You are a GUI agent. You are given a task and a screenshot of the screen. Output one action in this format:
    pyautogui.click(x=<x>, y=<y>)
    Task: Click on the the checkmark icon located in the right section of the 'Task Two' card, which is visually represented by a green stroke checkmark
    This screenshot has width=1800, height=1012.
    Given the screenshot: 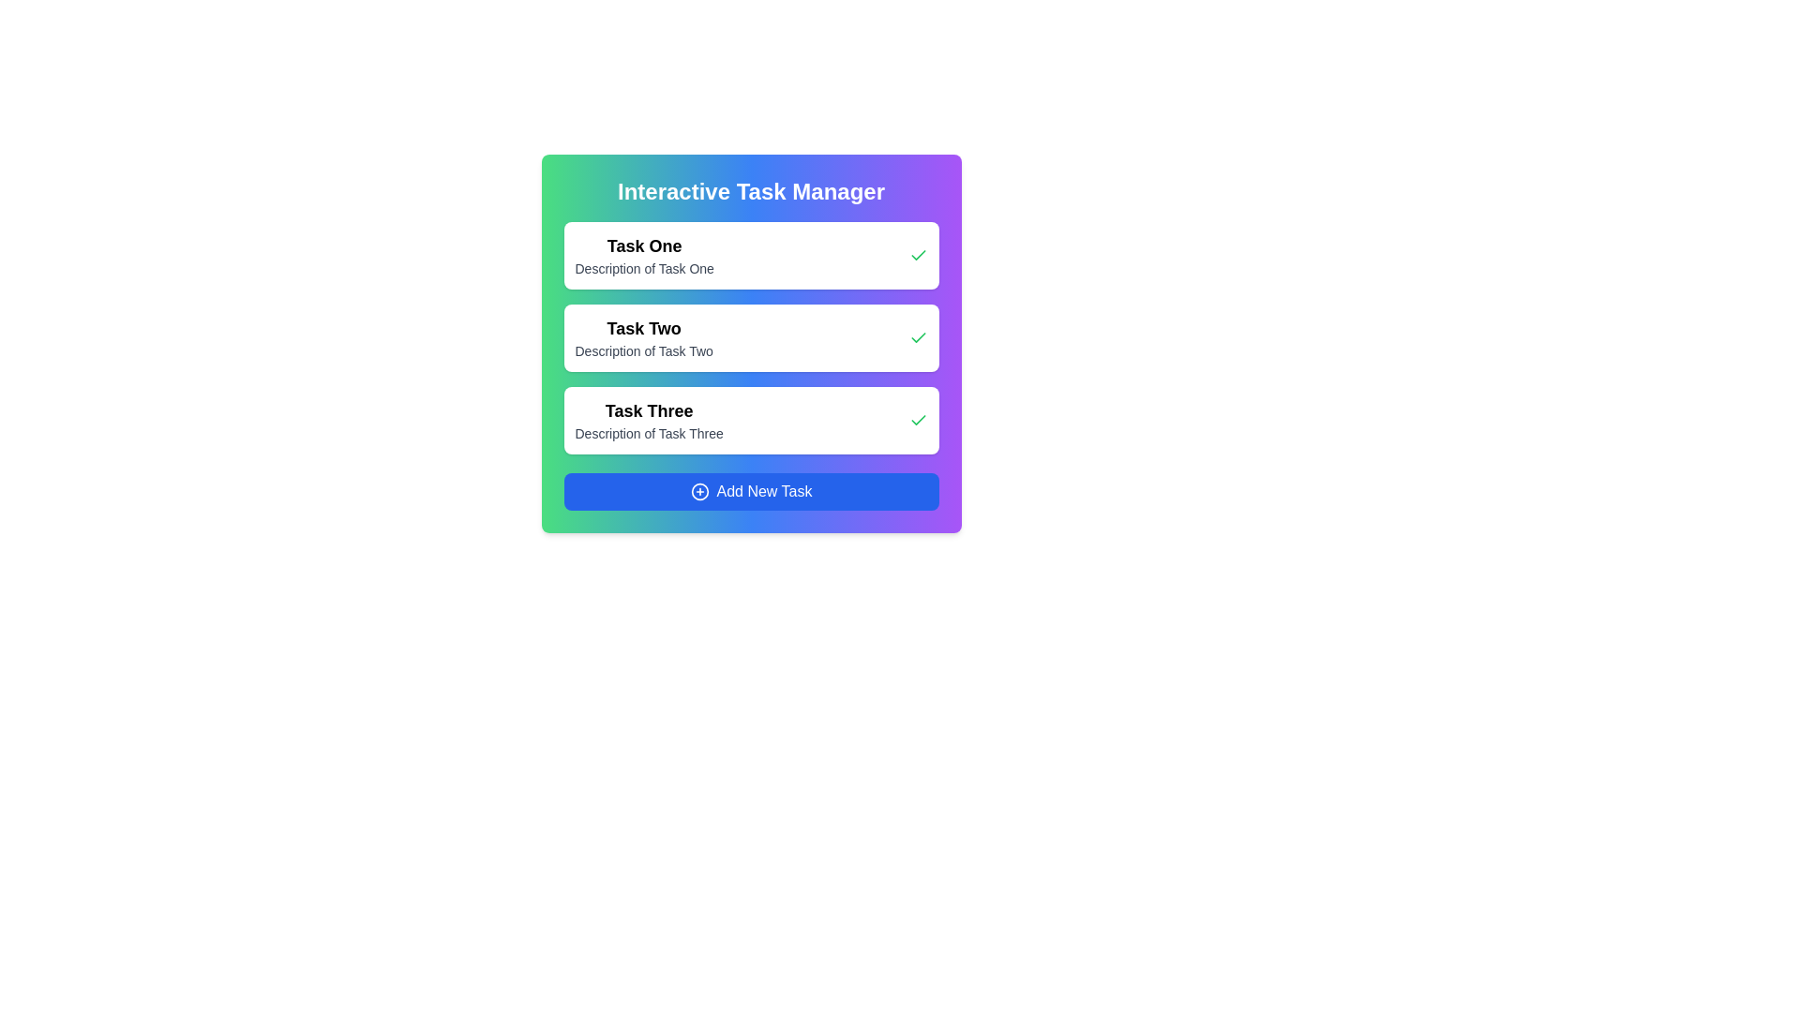 What is the action you would take?
    pyautogui.click(x=918, y=337)
    